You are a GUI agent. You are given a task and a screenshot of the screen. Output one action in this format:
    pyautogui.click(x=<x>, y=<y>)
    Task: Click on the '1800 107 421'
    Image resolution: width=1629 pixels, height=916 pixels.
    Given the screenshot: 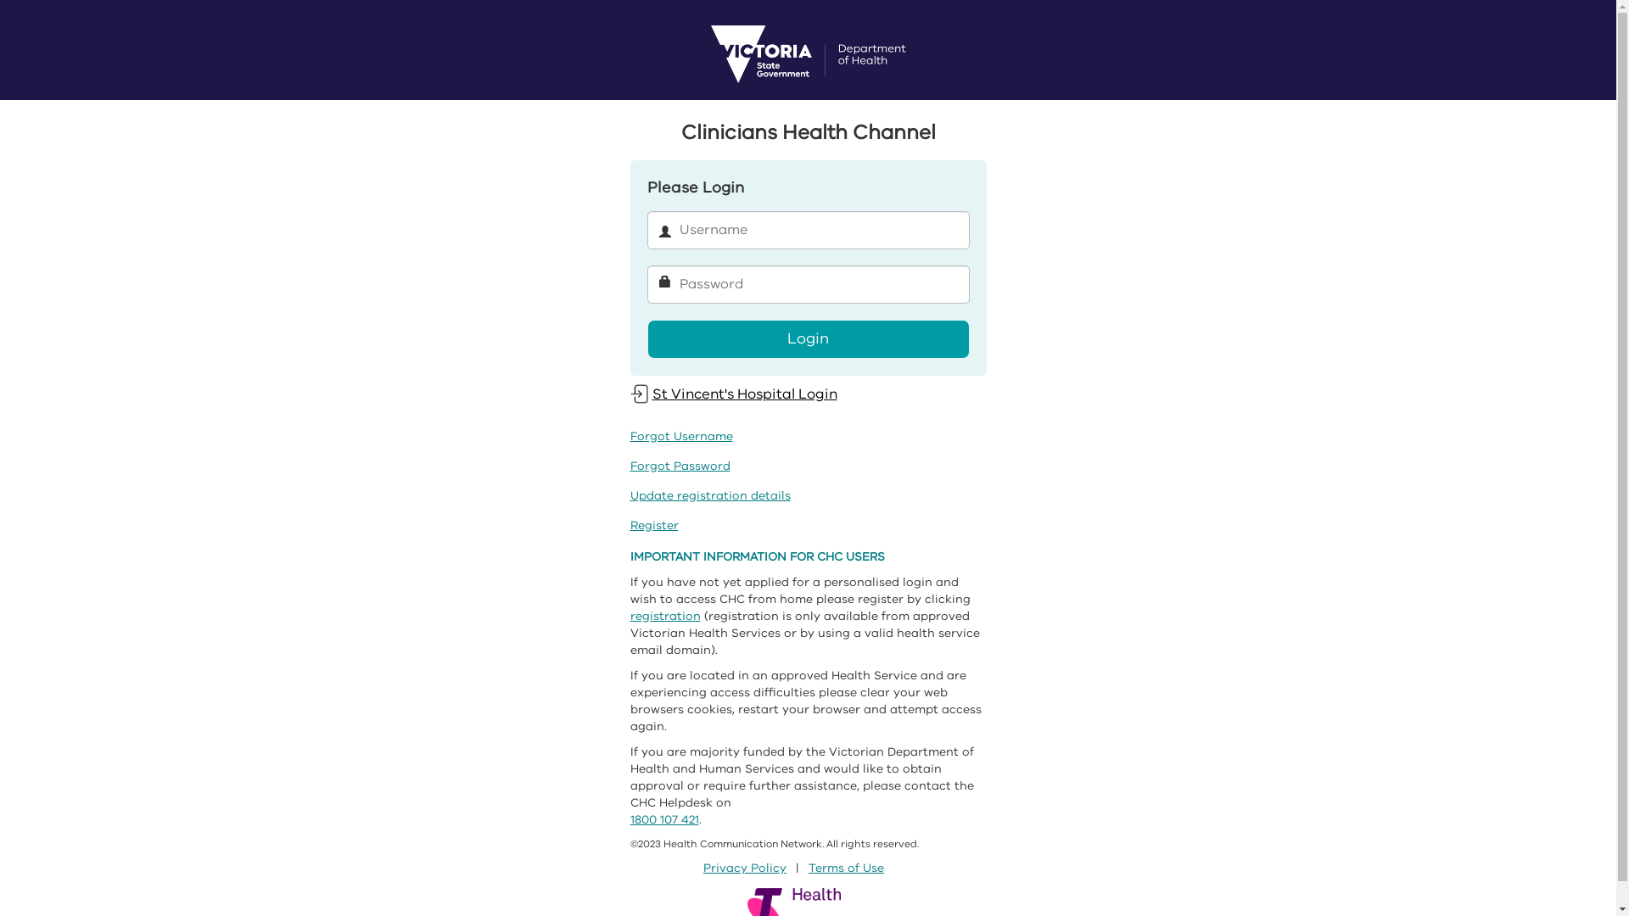 What is the action you would take?
    pyautogui.click(x=663, y=818)
    